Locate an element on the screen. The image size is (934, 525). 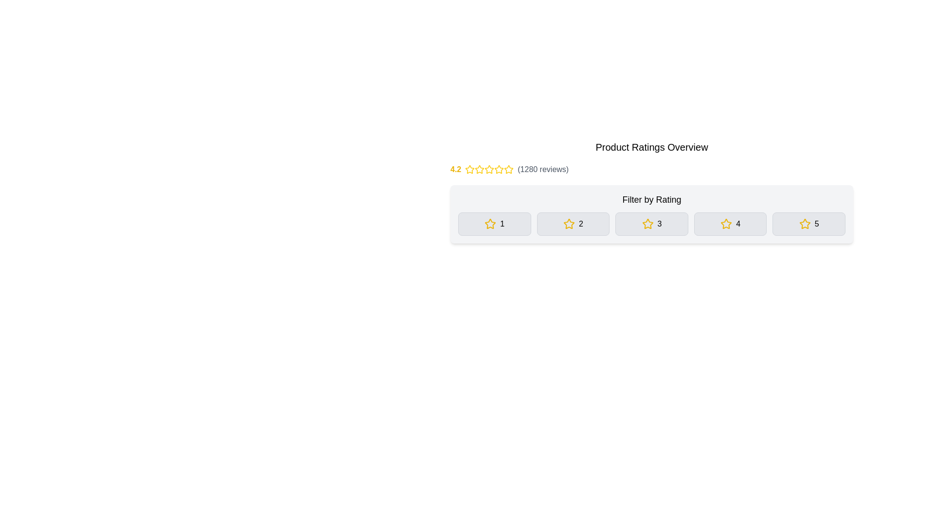
the button with a light gray background and a yellow star icon followed by the number '4' is located at coordinates (730, 224).